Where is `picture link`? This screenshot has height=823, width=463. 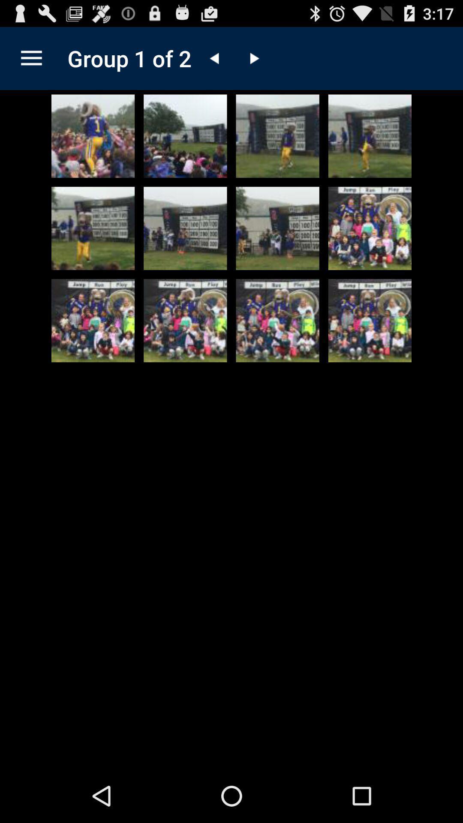
picture link is located at coordinates (93, 228).